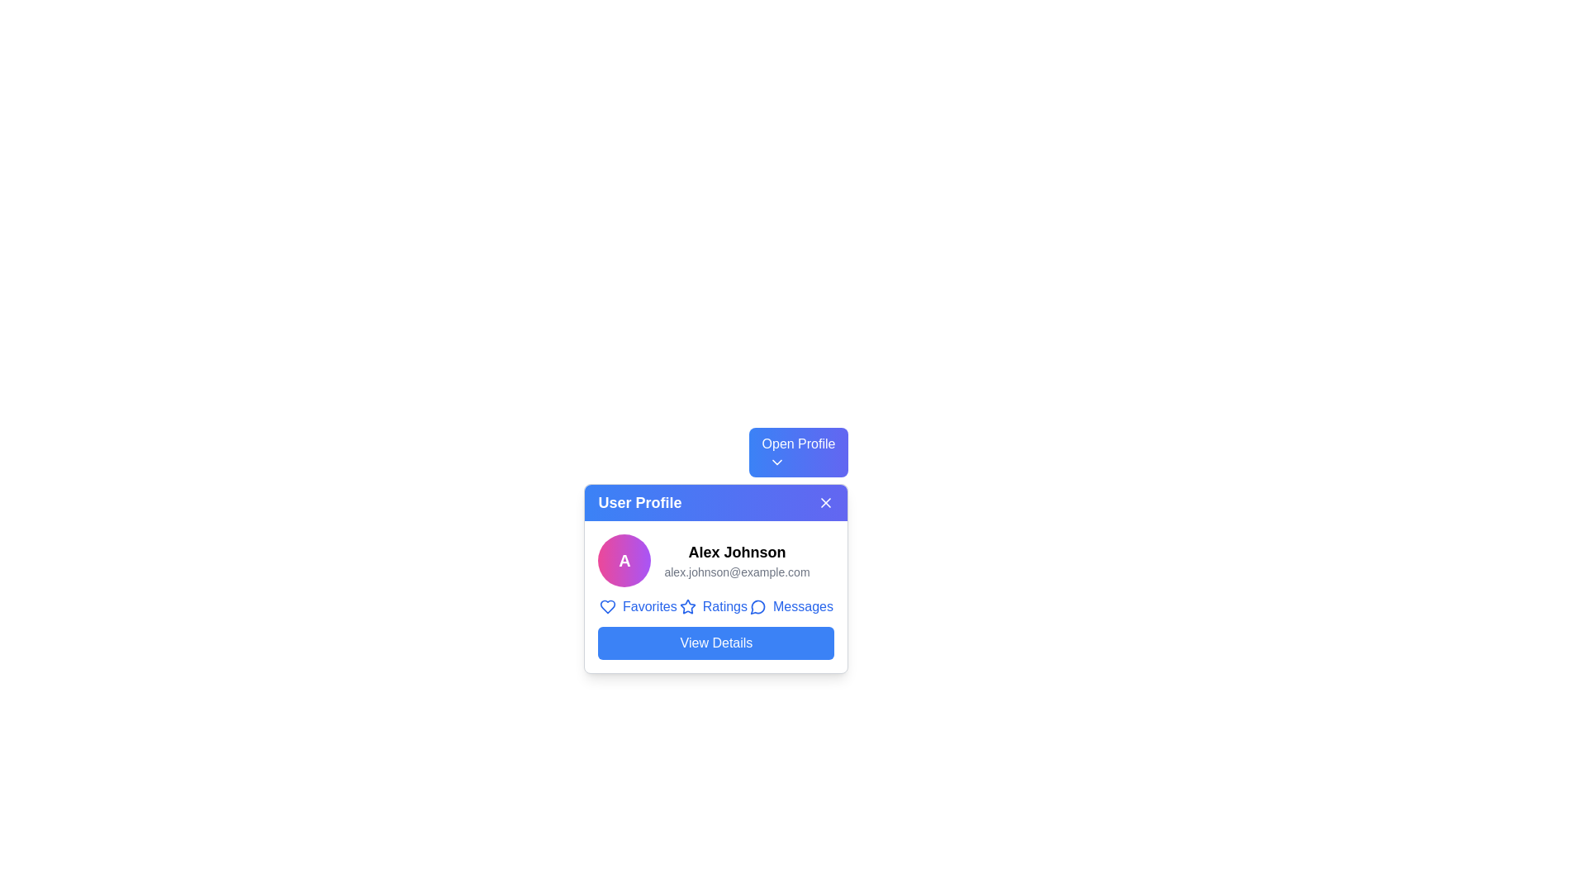 Image resolution: width=1586 pixels, height=892 pixels. What do you see at coordinates (716, 643) in the screenshot?
I see `the blue rectangular button labeled 'View Details' located at the bottom of the user profile card` at bounding box center [716, 643].